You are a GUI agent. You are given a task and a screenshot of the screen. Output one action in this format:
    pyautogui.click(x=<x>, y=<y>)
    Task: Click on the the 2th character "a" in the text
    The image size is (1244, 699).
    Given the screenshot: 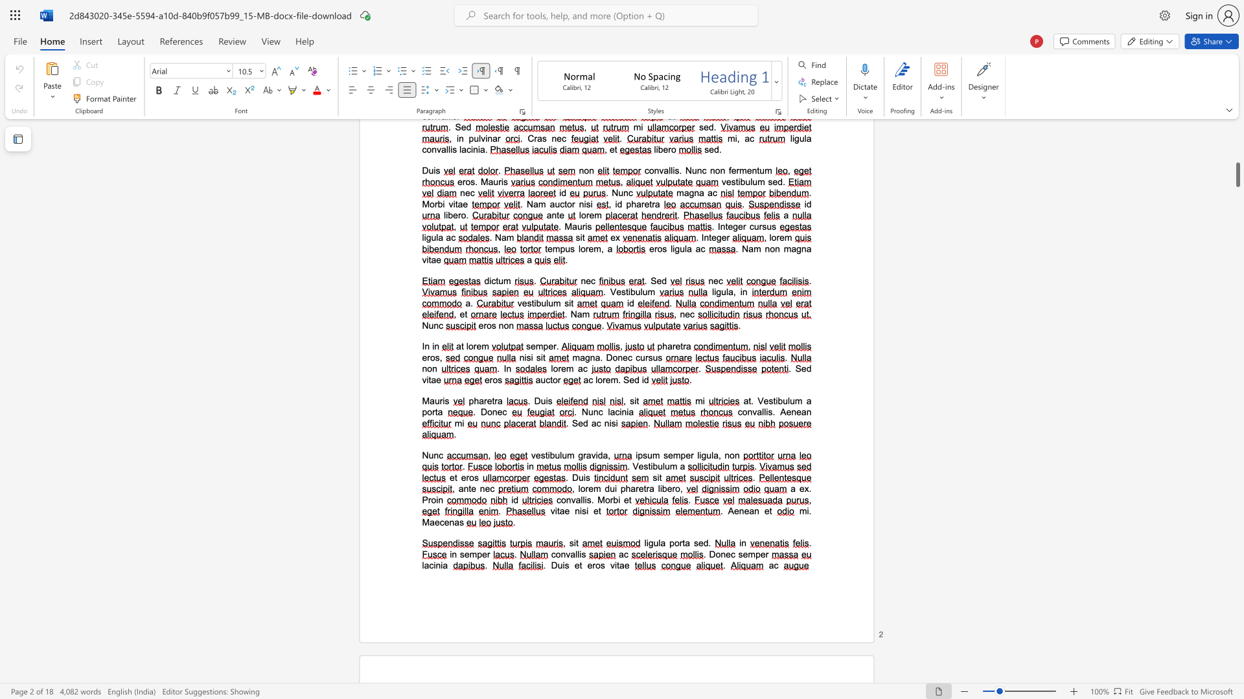 What is the action you would take?
    pyautogui.click(x=808, y=400)
    